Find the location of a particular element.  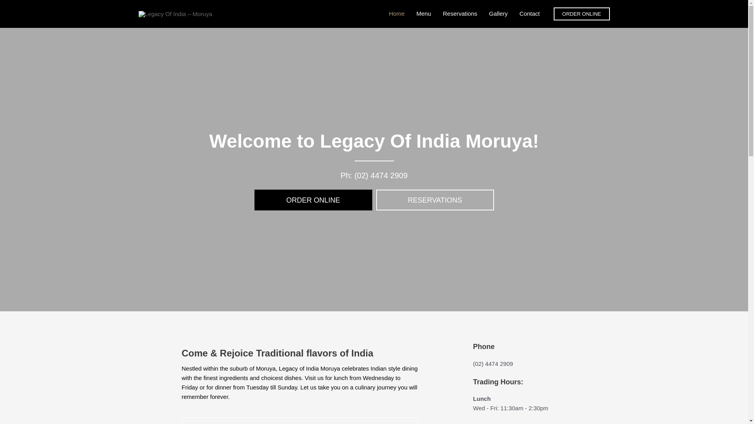

'Contact' is located at coordinates (514, 13).